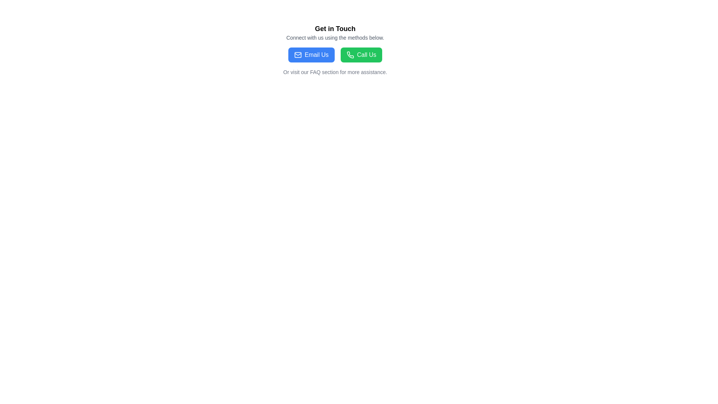 This screenshot has height=404, width=718. Describe the element at coordinates (335, 72) in the screenshot. I see `the text label providing guidance to visit the FAQ section, located below the 'Call Us' and 'Email Us' buttons under the 'Get in Touch' header` at that location.